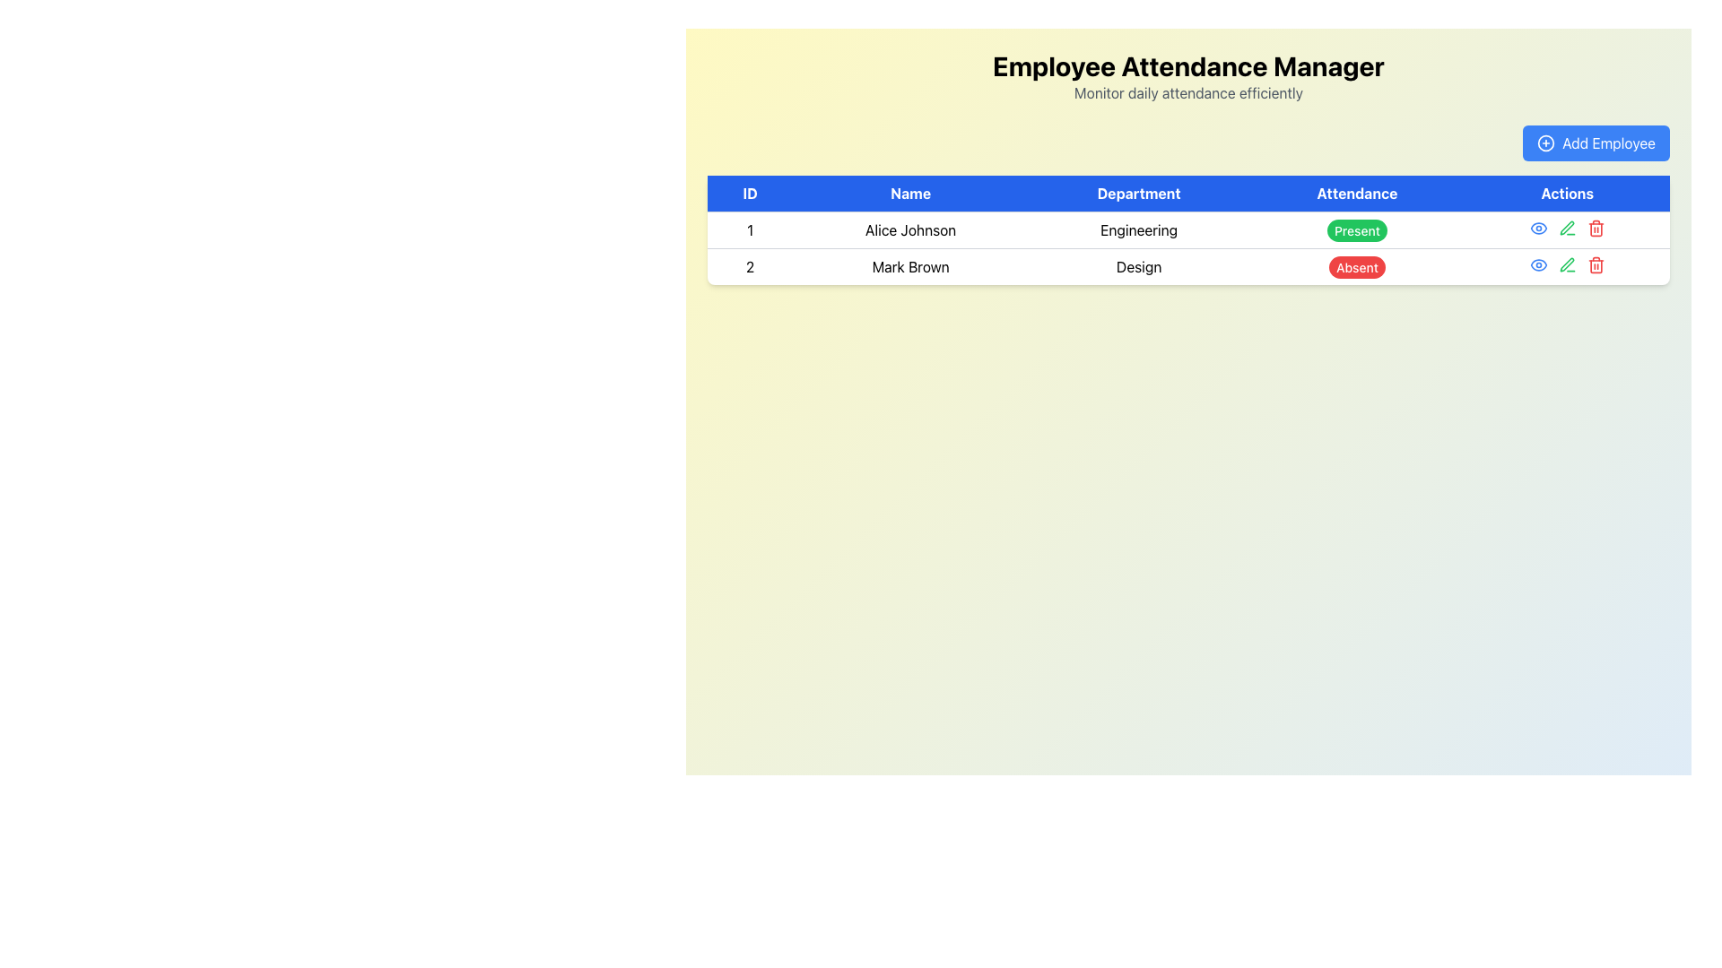 This screenshot has height=968, width=1722. Describe the element at coordinates (1138, 229) in the screenshot. I see `the text label displaying the department name for employee 'Alice Johnson', located in the third column of the first row under the 'Department' header` at that location.